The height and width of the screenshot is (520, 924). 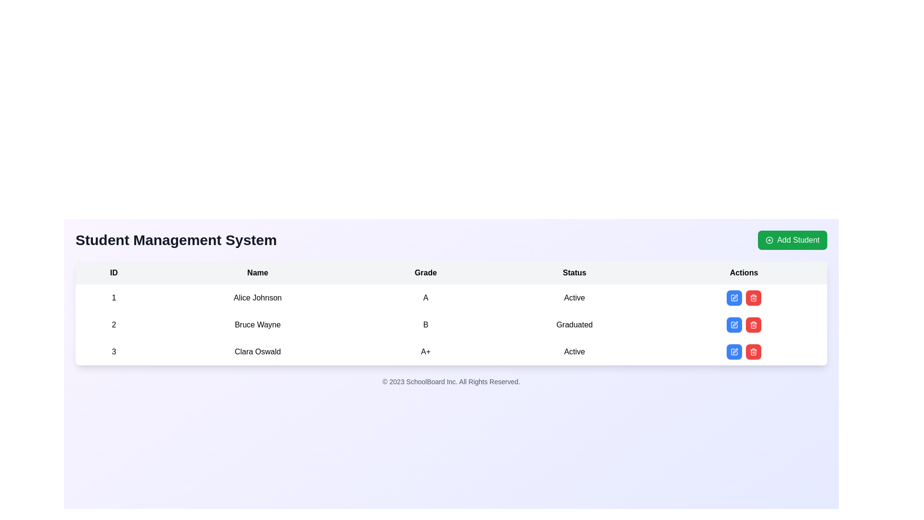 What do you see at coordinates (753, 325) in the screenshot?
I see `the delete button in the Actions column for the user 'Bruce Wayne'` at bounding box center [753, 325].